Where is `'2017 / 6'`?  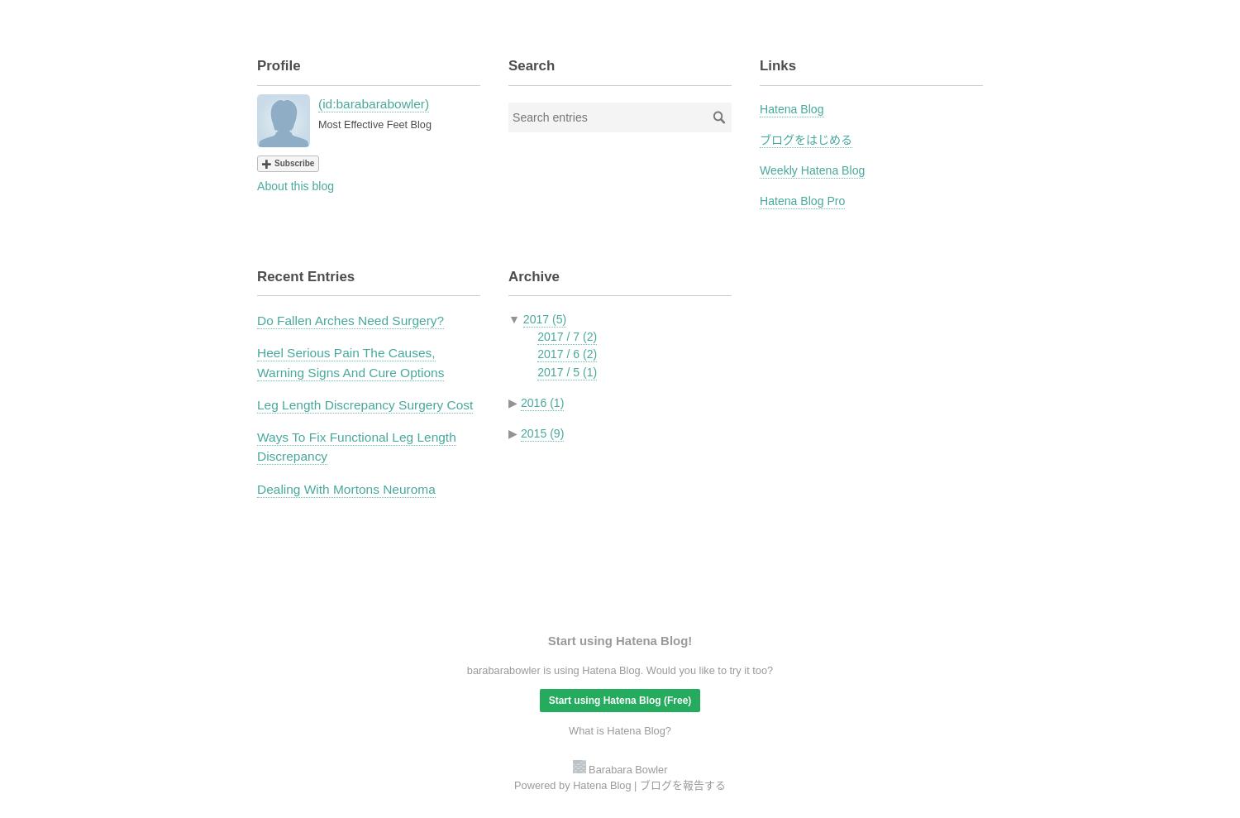 '2017 / 6' is located at coordinates (559, 354).